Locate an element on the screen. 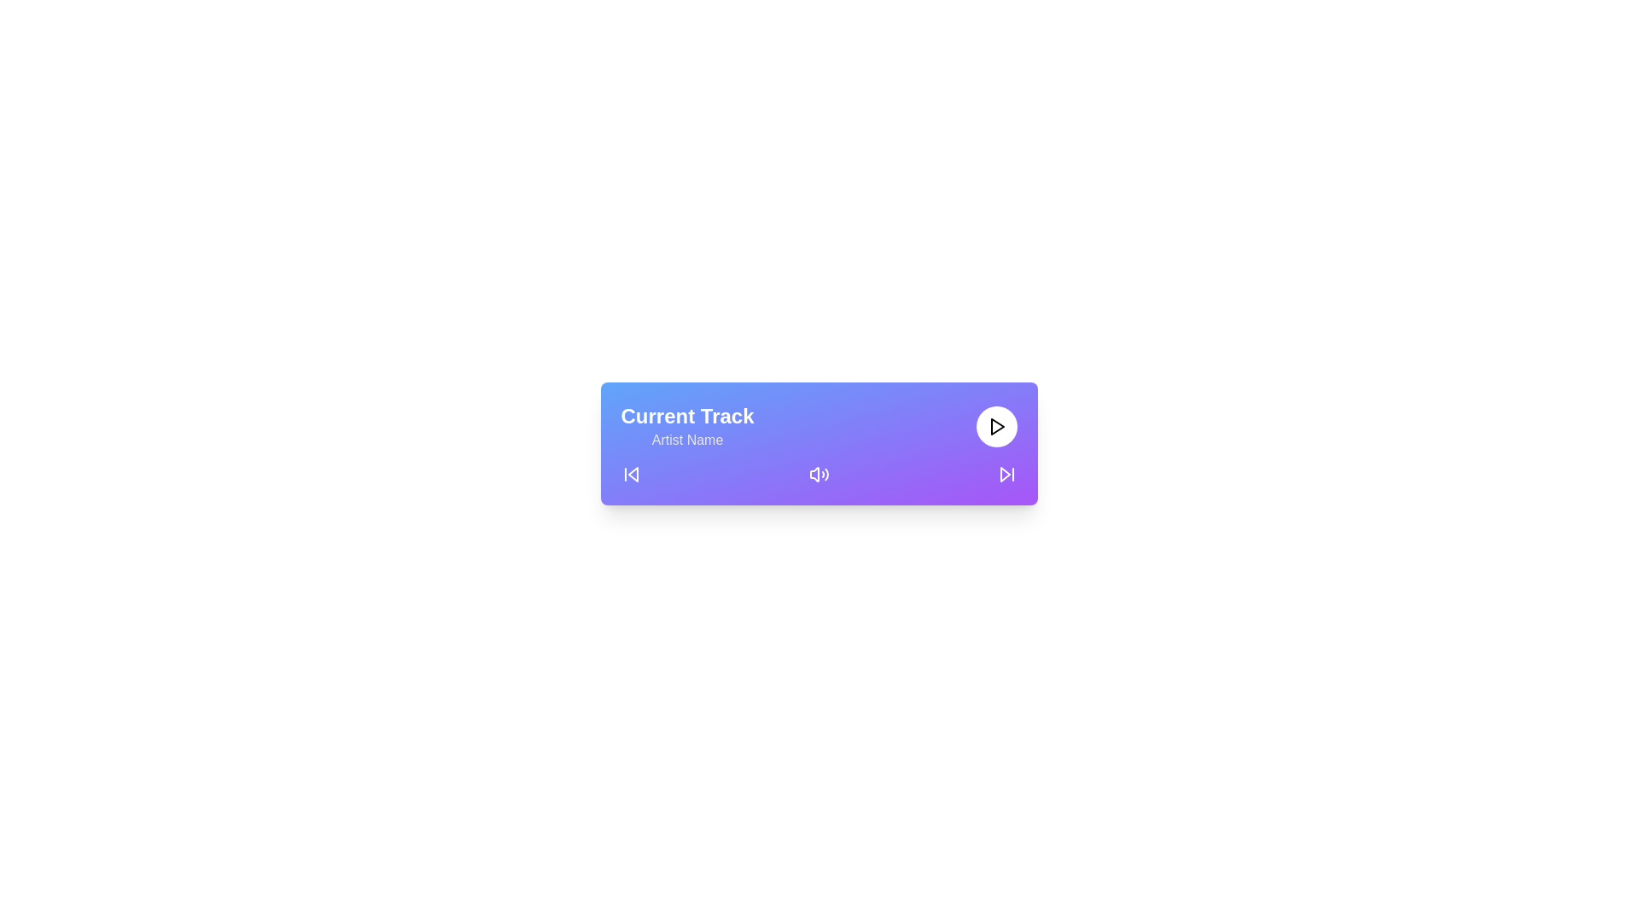  the small triangular play button icon on the playback control bar to play the music is located at coordinates (997, 426).